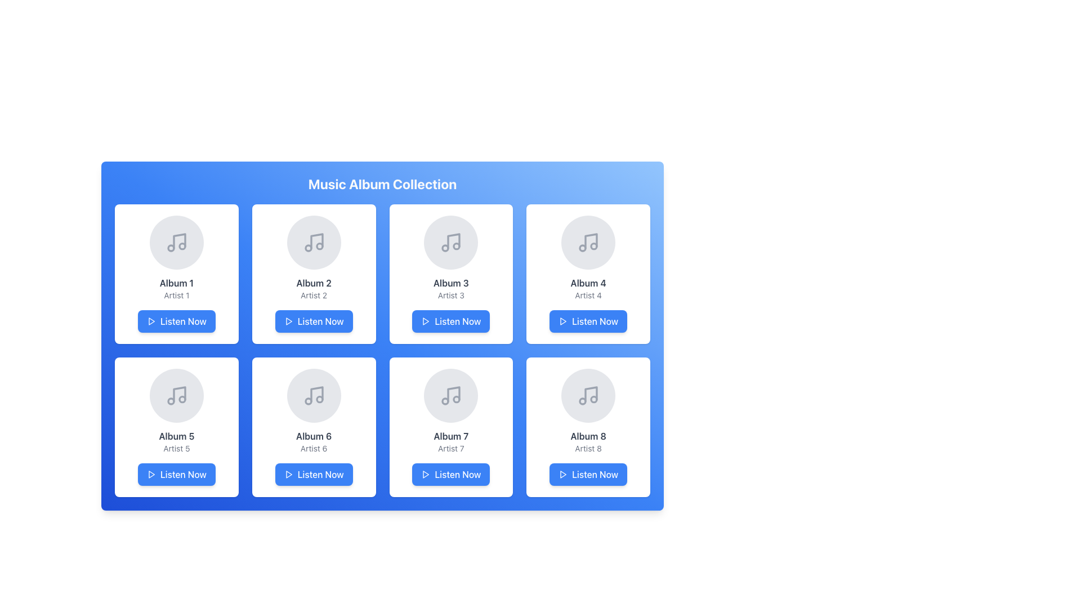 This screenshot has width=1081, height=608. I want to click on the button that initiates music playback for 'Album 6', so click(314, 475).